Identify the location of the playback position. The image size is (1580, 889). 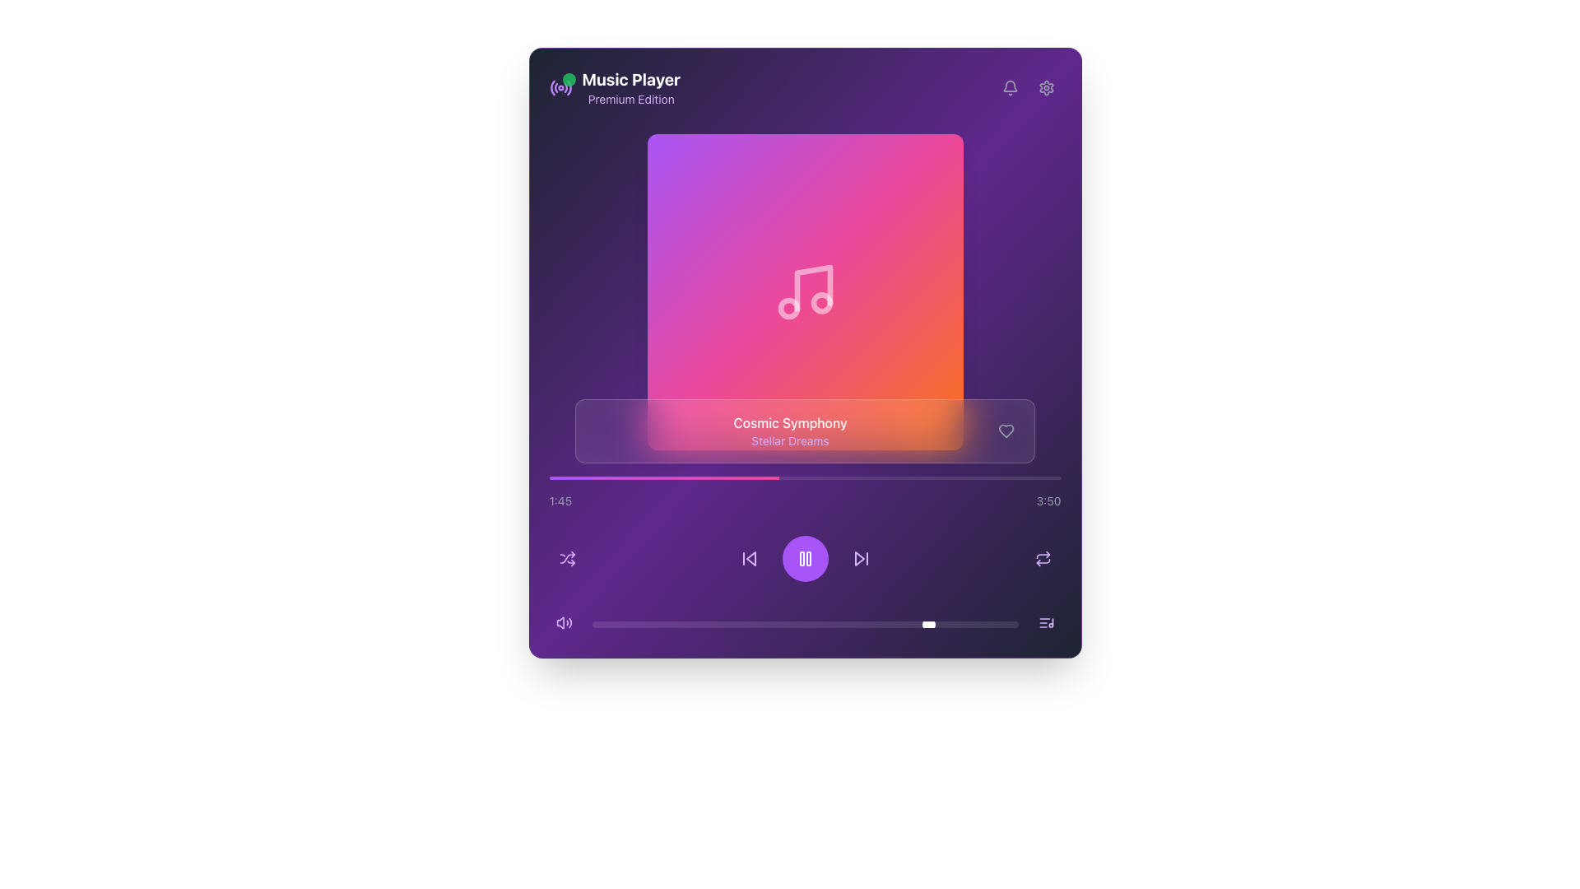
(896, 478).